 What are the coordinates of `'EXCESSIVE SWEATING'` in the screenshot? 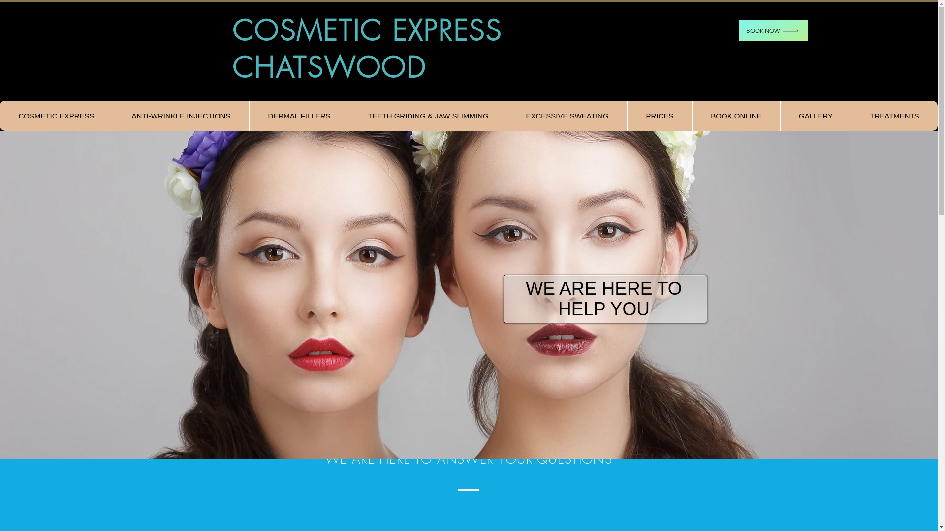 It's located at (567, 115).